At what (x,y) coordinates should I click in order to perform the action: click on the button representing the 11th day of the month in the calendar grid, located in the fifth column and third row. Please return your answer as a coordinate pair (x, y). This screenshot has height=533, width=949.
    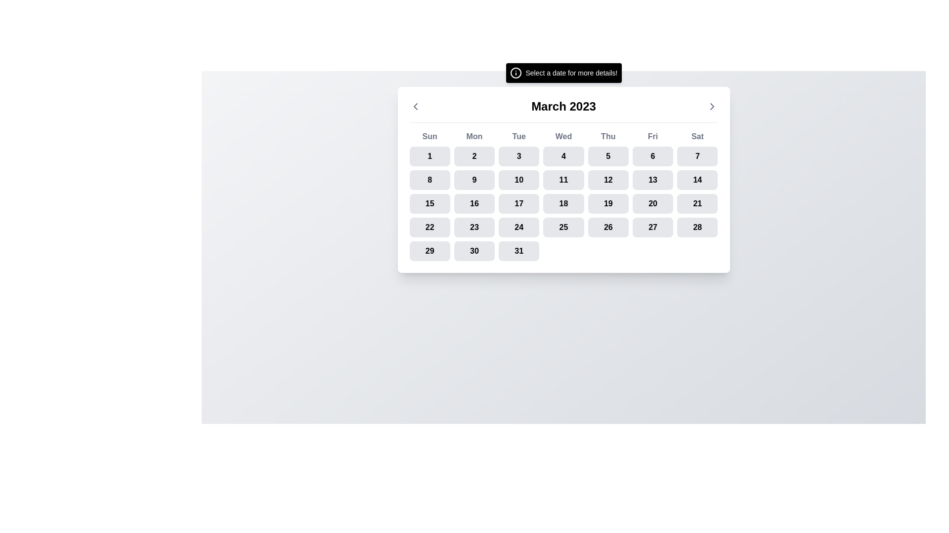
    Looking at the image, I should click on (563, 180).